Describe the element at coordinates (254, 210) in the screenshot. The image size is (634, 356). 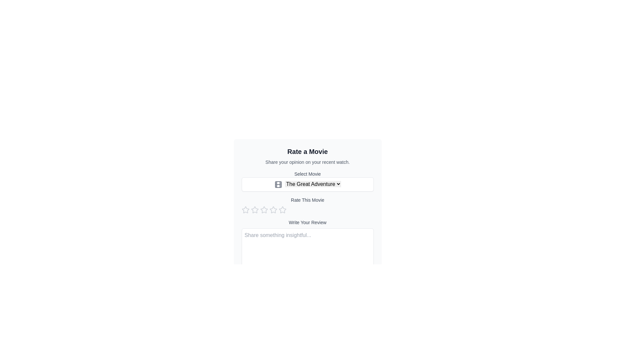
I see `the first star icon in the rating sequence` at that location.